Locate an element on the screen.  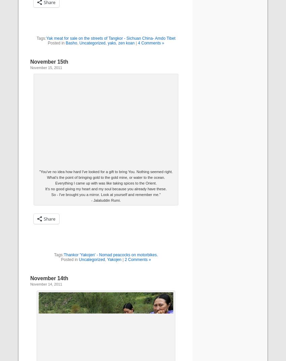
'So - I've brought you a mirror. Look at yourself and  remember me."' is located at coordinates (106, 194).